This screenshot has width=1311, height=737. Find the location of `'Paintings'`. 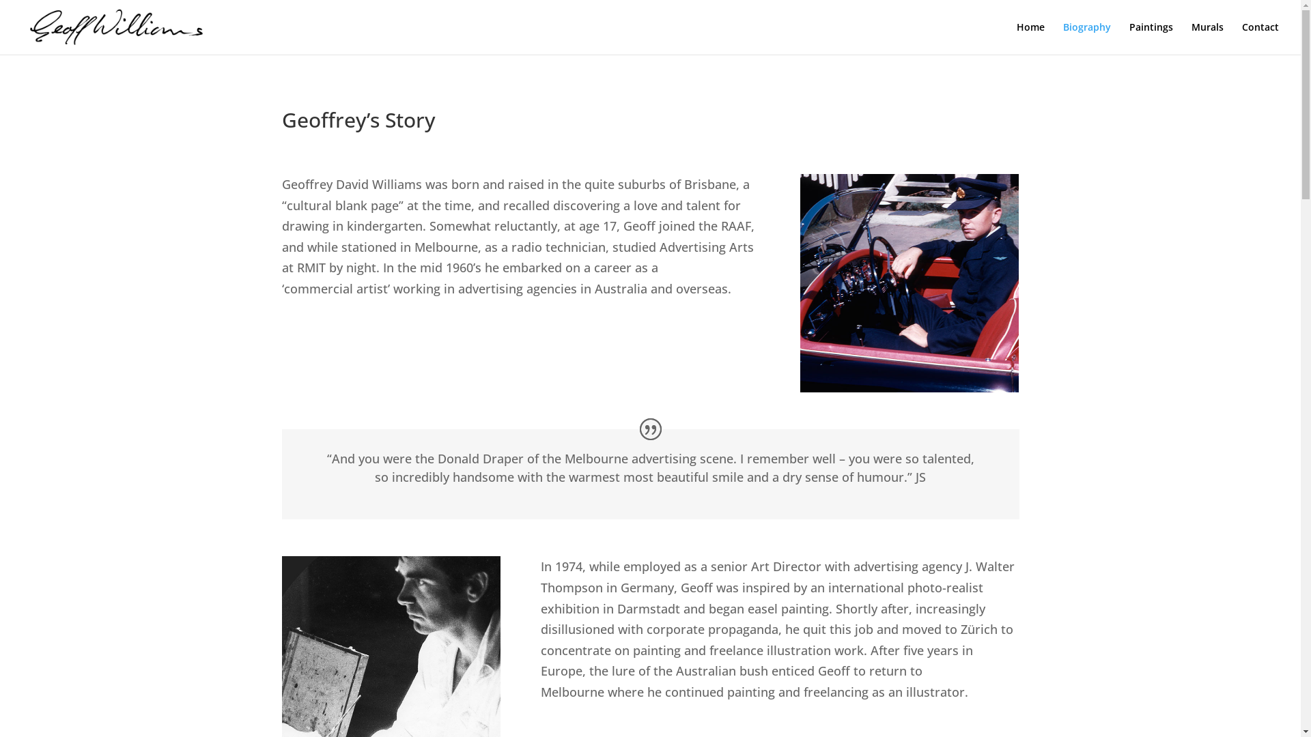

'Paintings' is located at coordinates (1129, 38).